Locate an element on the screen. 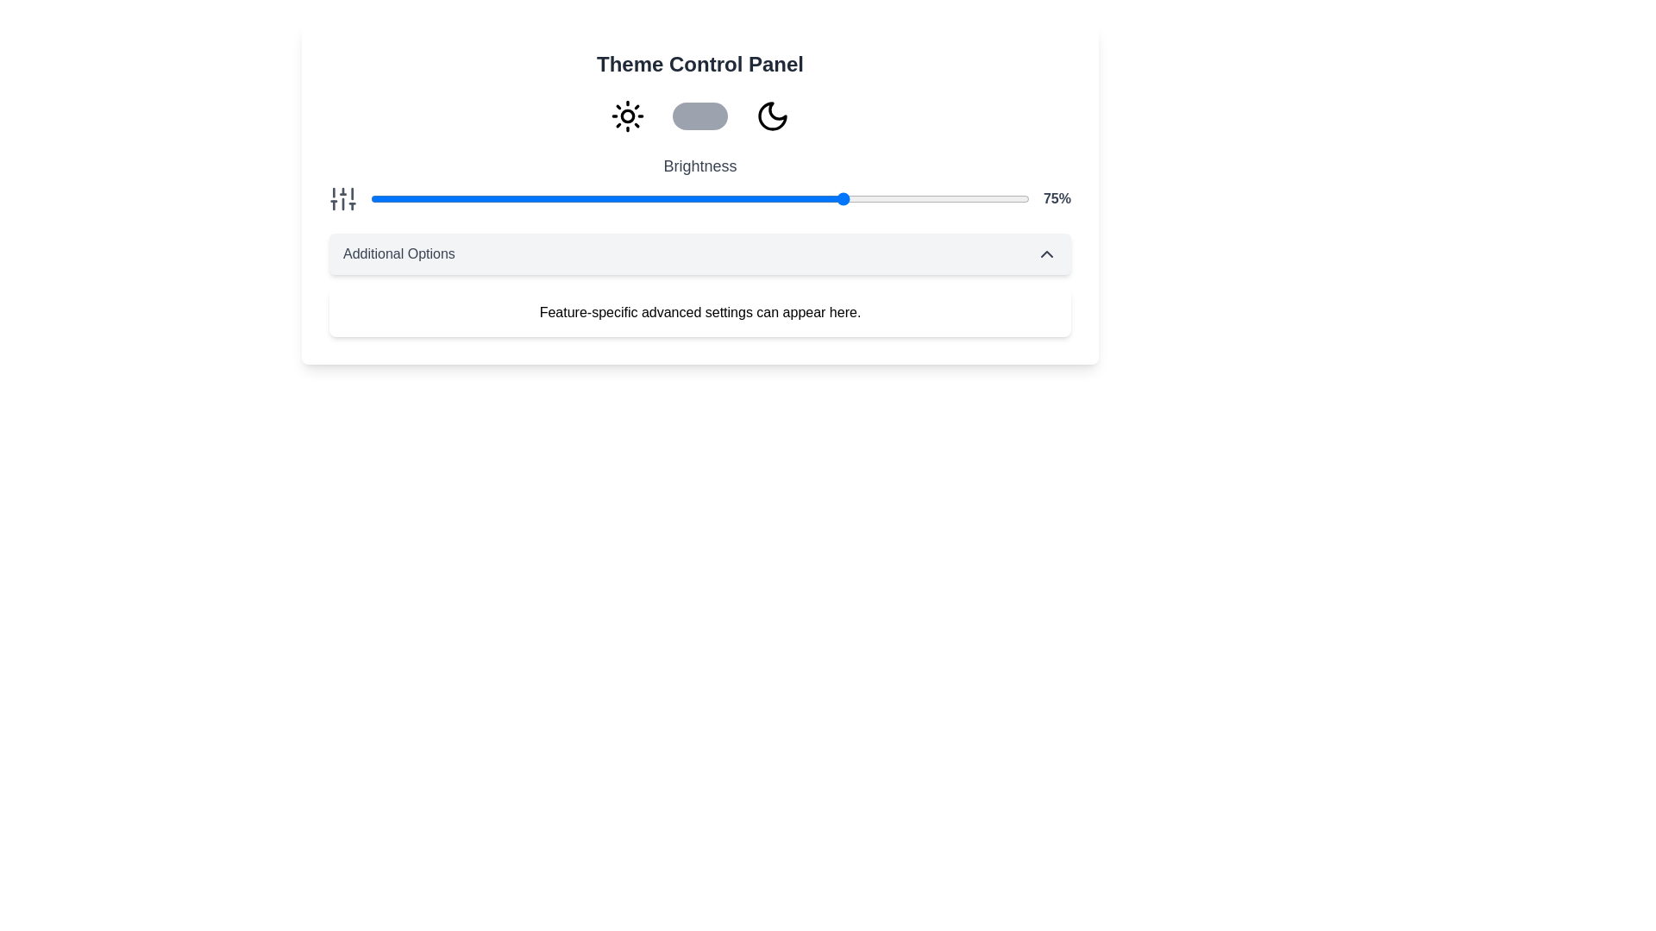  the night mode icon located in the top-right section of the interface, immediately to the right of the toggle switch is located at coordinates (772, 116).